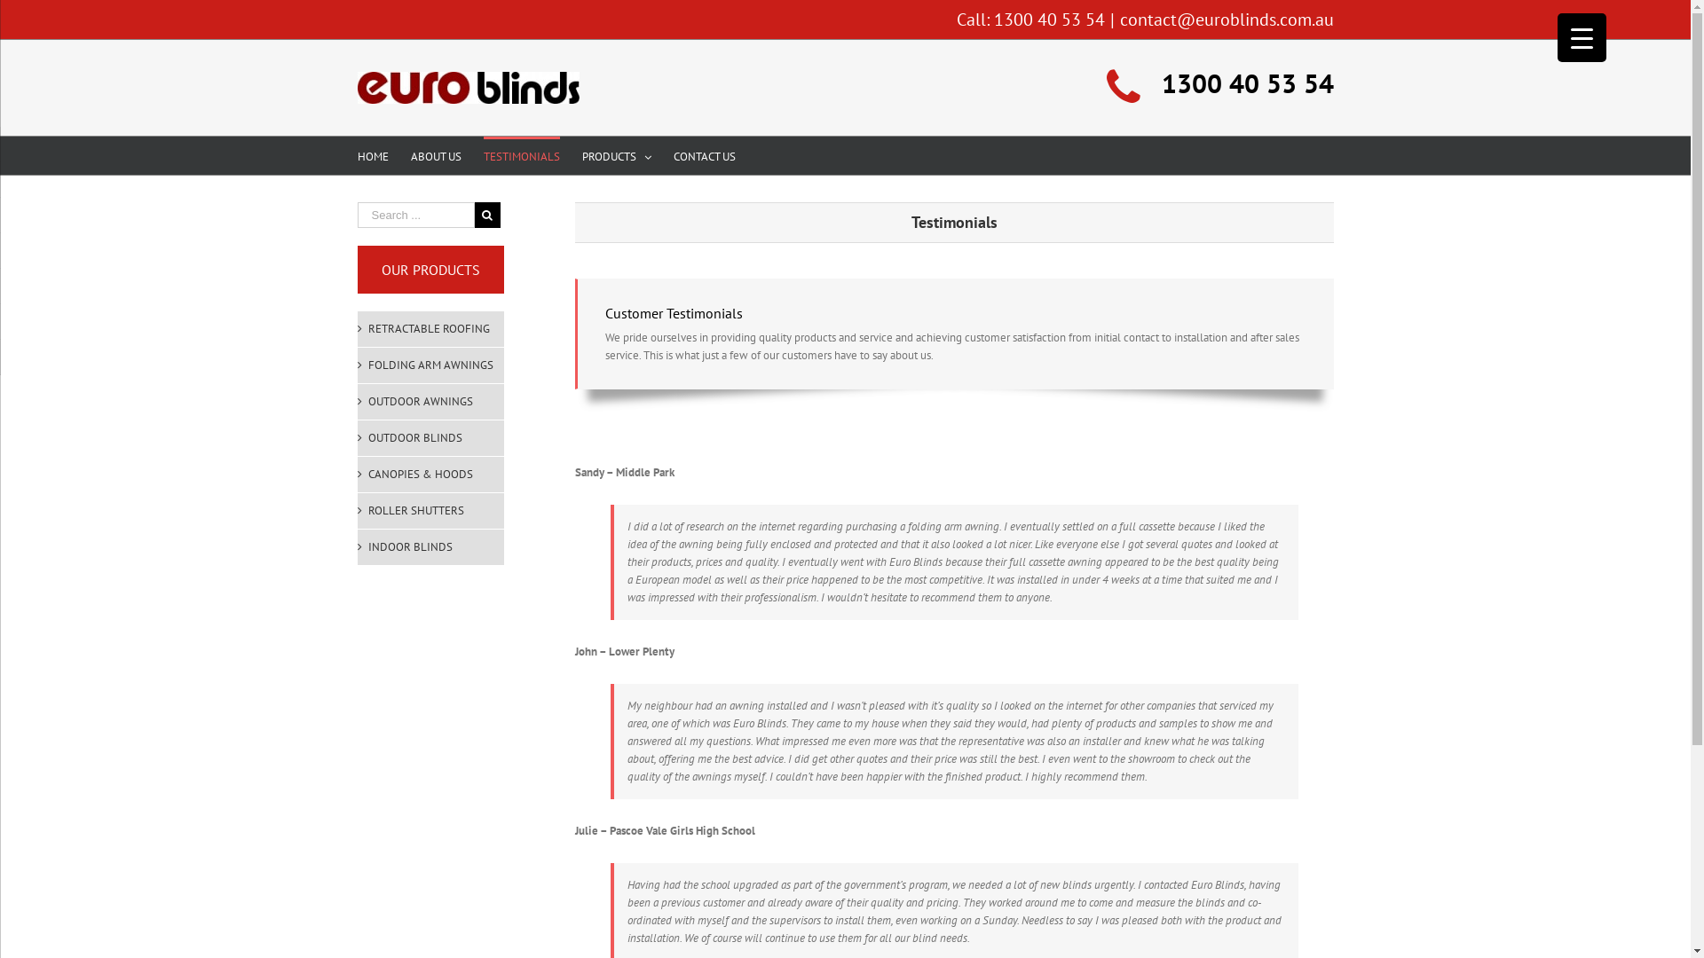 This screenshot has height=958, width=1704. I want to click on 'contact@euroblinds.com.au', so click(1226, 20).